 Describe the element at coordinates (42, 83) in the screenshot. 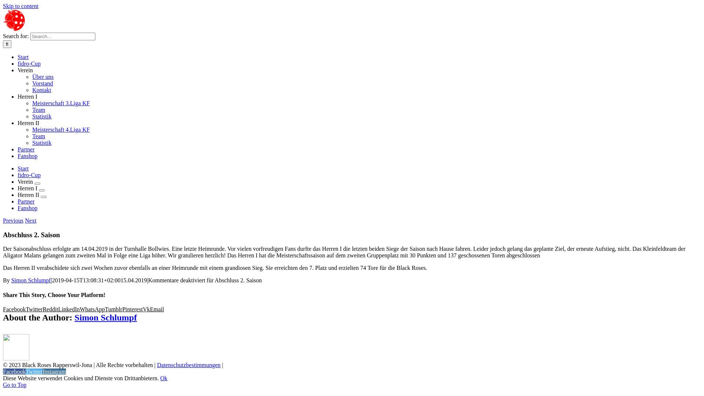

I see `'Vorstand'` at that location.